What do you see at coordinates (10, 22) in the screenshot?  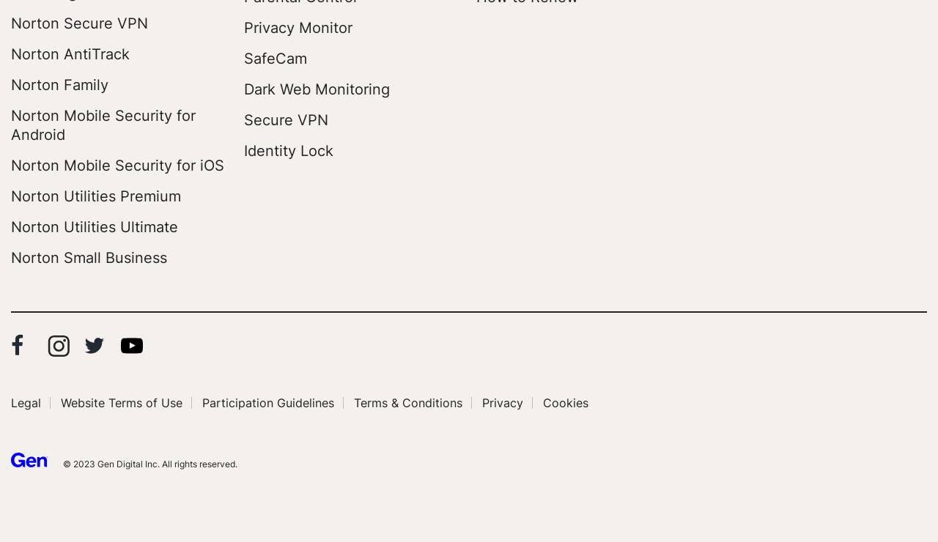 I see `'Norton Secure VPN'` at bounding box center [10, 22].